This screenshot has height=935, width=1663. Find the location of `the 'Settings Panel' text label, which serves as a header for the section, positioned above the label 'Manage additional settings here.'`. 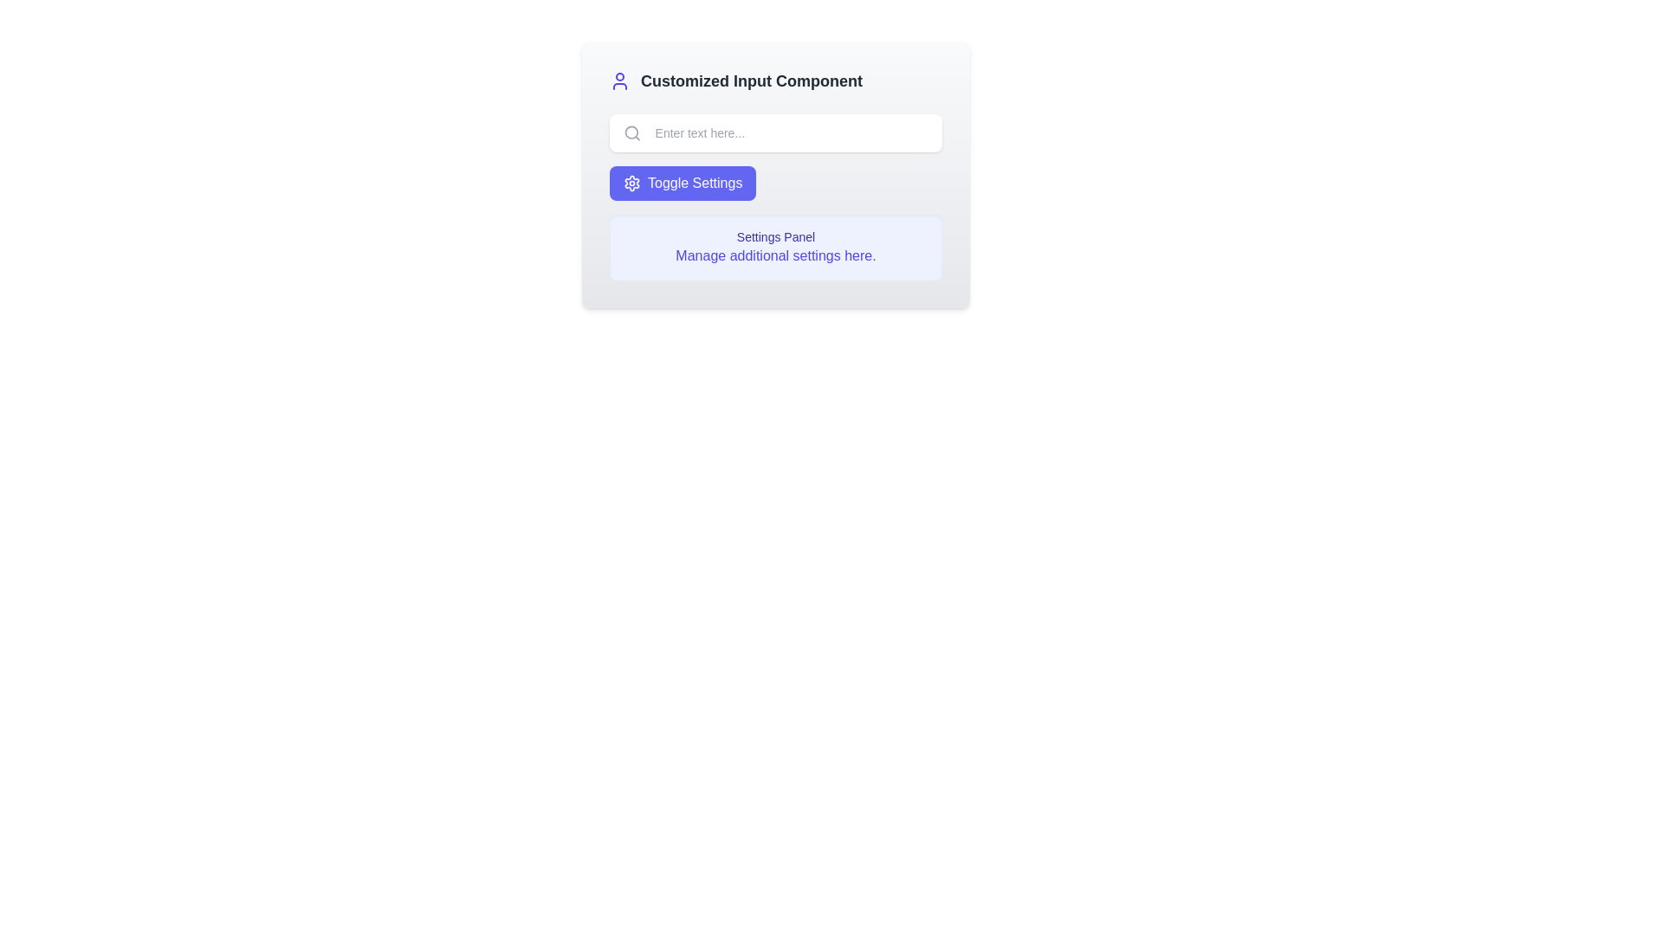

the 'Settings Panel' text label, which serves as a header for the section, positioned above the label 'Manage additional settings here.' is located at coordinates (775, 236).